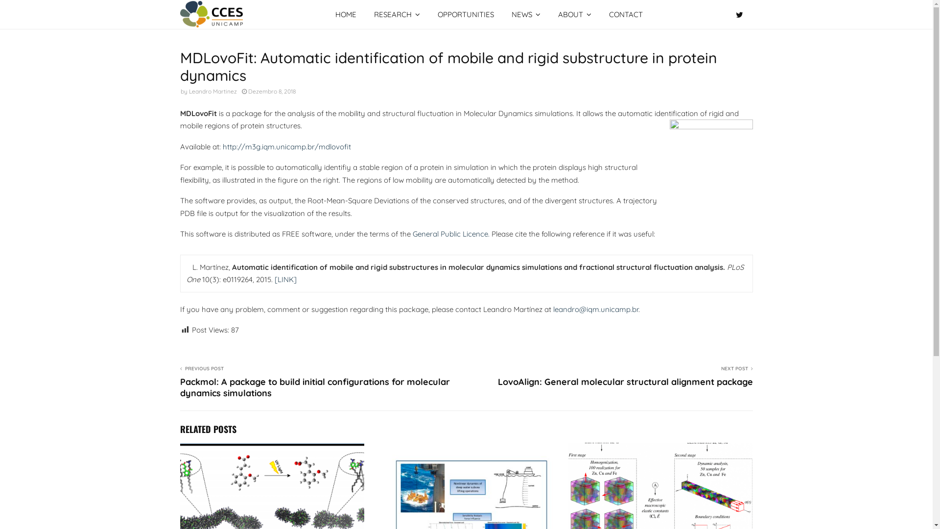 The height and width of the screenshot is (529, 940). What do you see at coordinates (397, 15) in the screenshot?
I see `'RESEARCH'` at bounding box center [397, 15].